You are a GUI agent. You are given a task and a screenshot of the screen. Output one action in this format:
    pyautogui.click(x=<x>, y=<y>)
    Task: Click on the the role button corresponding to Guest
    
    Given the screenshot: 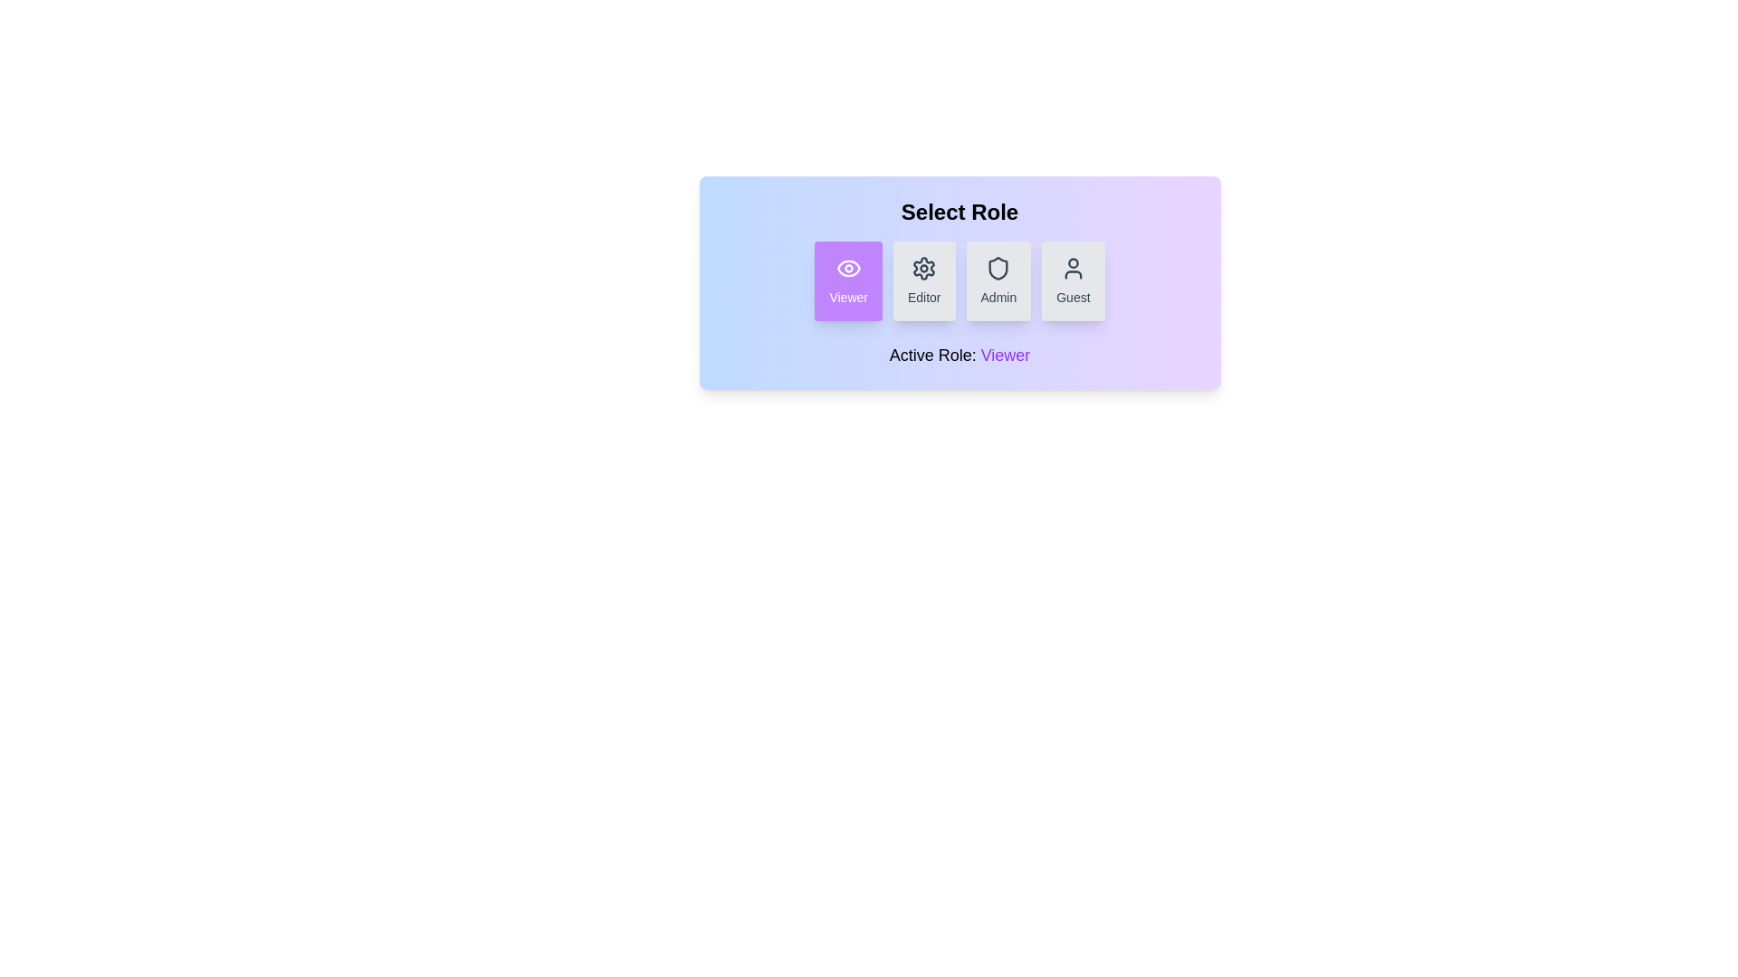 What is the action you would take?
    pyautogui.click(x=1073, y=281)
    